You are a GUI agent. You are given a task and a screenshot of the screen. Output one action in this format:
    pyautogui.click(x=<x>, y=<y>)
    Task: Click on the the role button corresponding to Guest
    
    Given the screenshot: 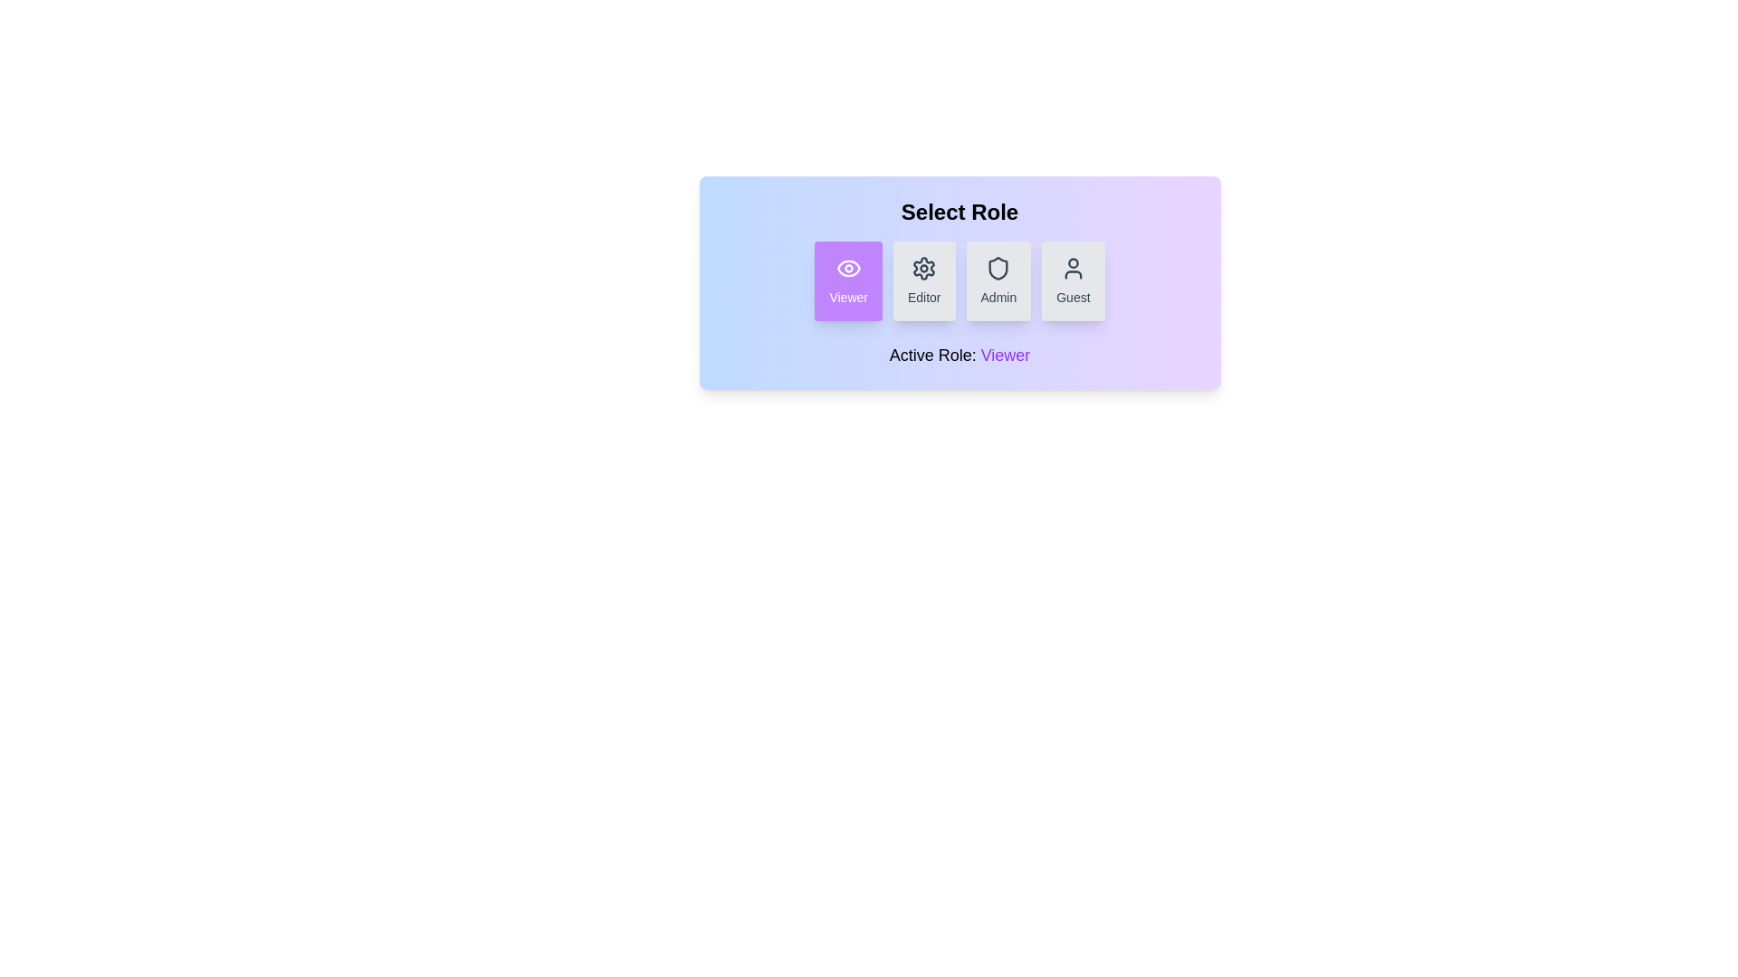 What is the action you would take?
    pyautogui.click(x=1073, y=281)
    